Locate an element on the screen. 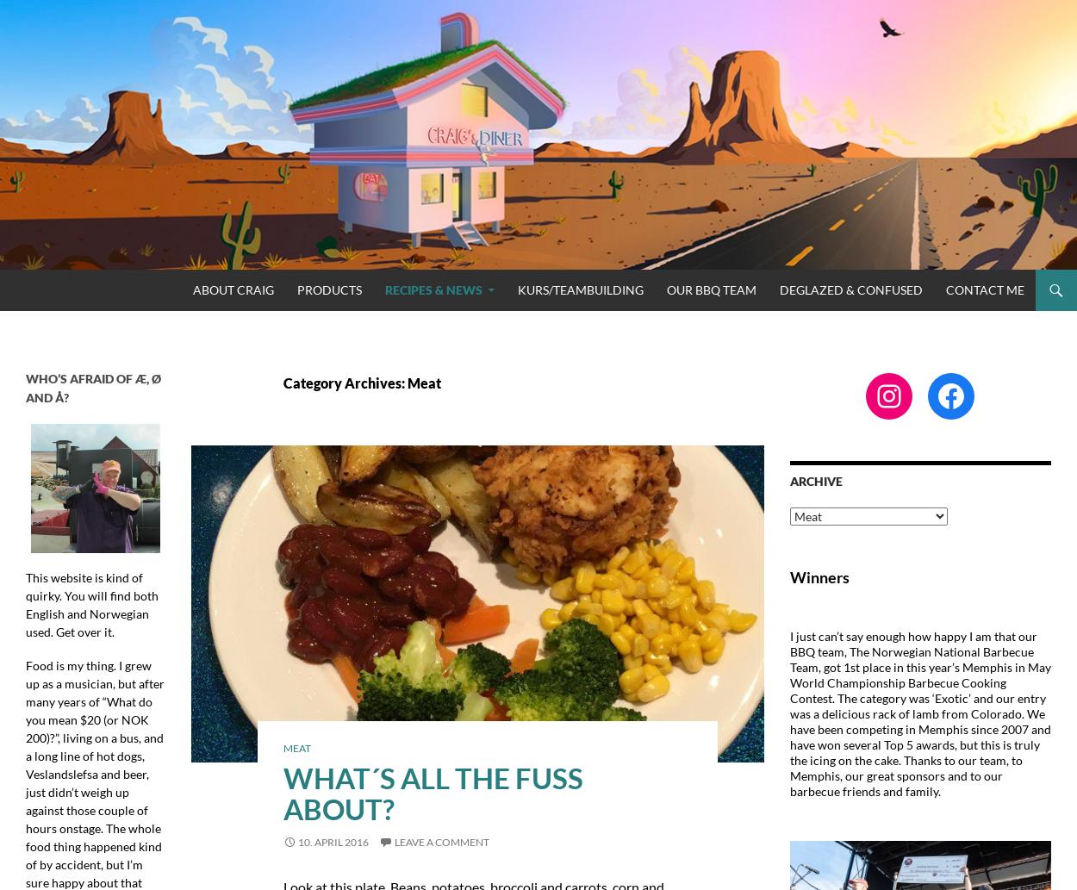 This screenshot has width=1077, height=890. 'Recipes & News' is located at coordinates (433, 288).